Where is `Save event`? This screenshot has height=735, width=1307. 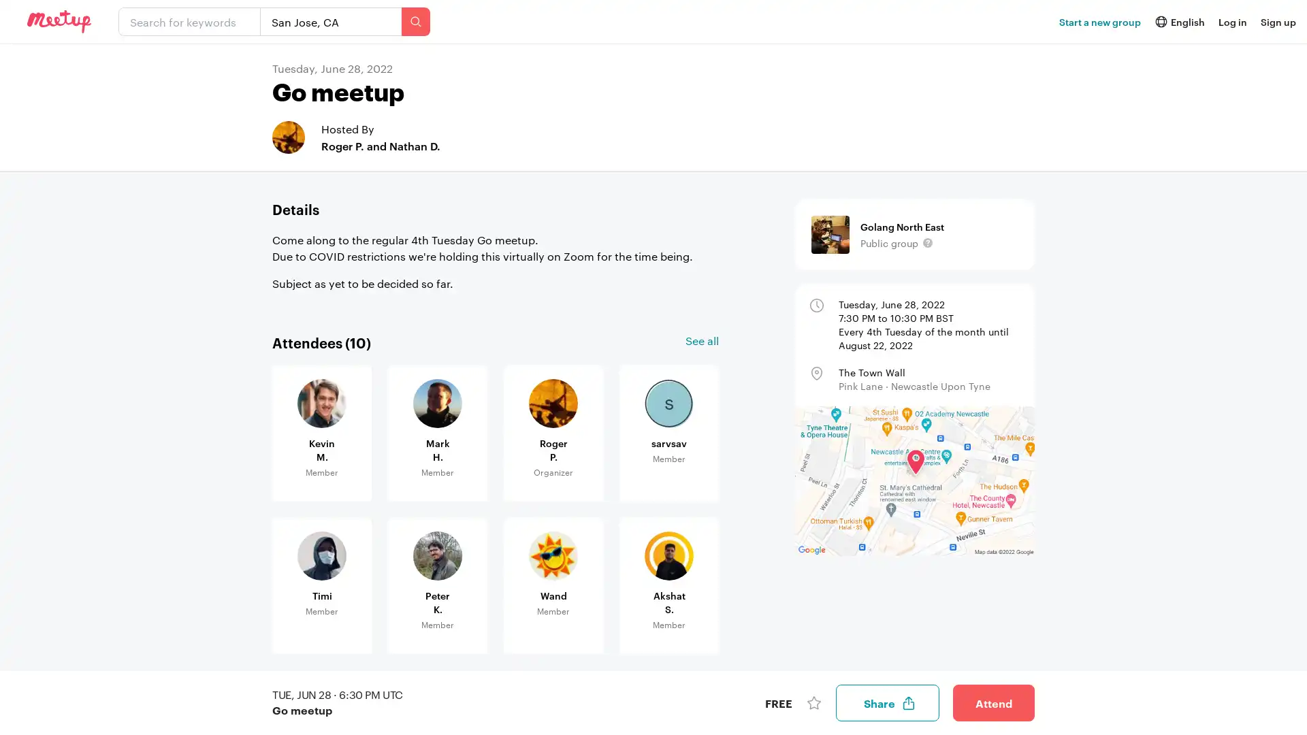 Save event is located at coordinates (813, 703).